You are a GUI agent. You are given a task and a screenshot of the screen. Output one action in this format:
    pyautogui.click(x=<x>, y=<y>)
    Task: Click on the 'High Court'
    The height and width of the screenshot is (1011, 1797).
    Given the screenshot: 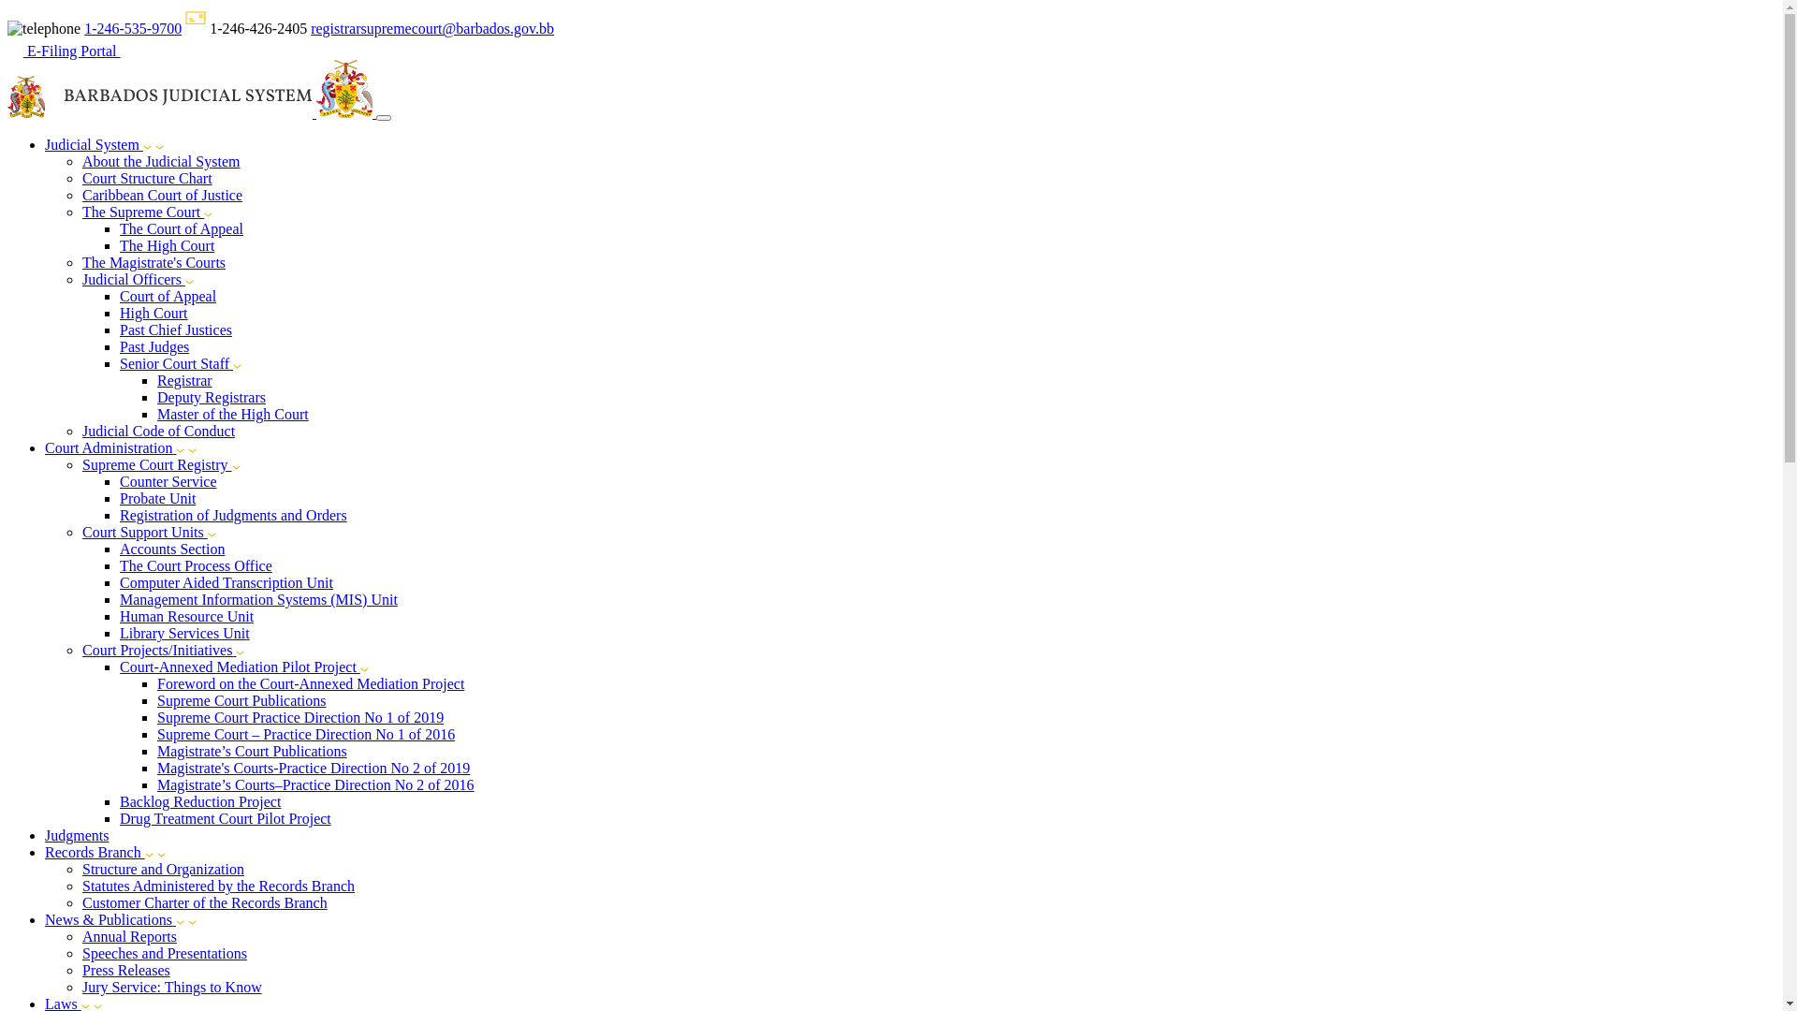 What is the action you would take?
    pyautogui.click(x=119, y=312)
    